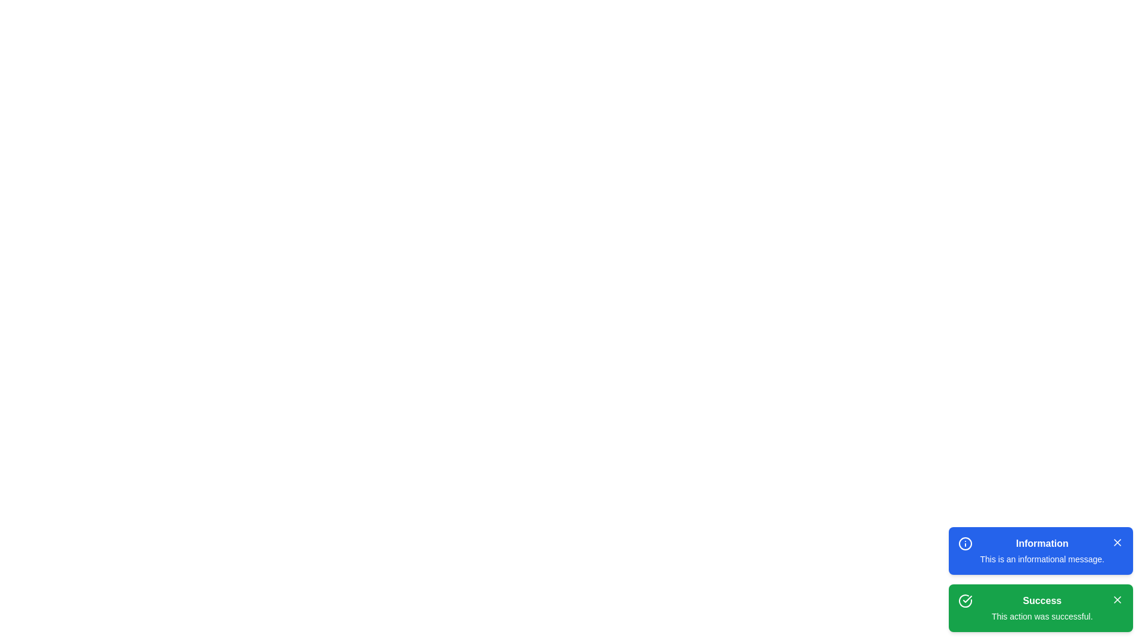  I want to click on the Close Button located at the top right corner of the green notification box, so click(1116, 600).